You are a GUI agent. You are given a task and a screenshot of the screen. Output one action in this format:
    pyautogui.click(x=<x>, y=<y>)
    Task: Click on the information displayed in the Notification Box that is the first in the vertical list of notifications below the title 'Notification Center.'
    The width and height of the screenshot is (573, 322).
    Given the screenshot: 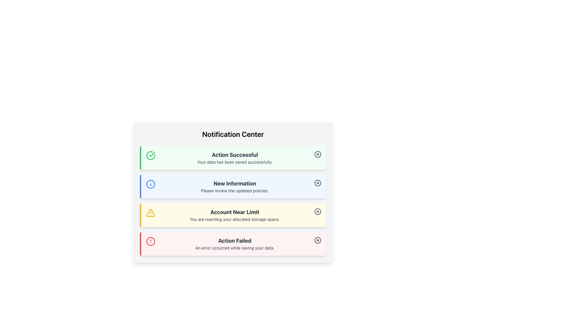 What is the action you would take?
    pyautogui.click(x=233, y=157)
    